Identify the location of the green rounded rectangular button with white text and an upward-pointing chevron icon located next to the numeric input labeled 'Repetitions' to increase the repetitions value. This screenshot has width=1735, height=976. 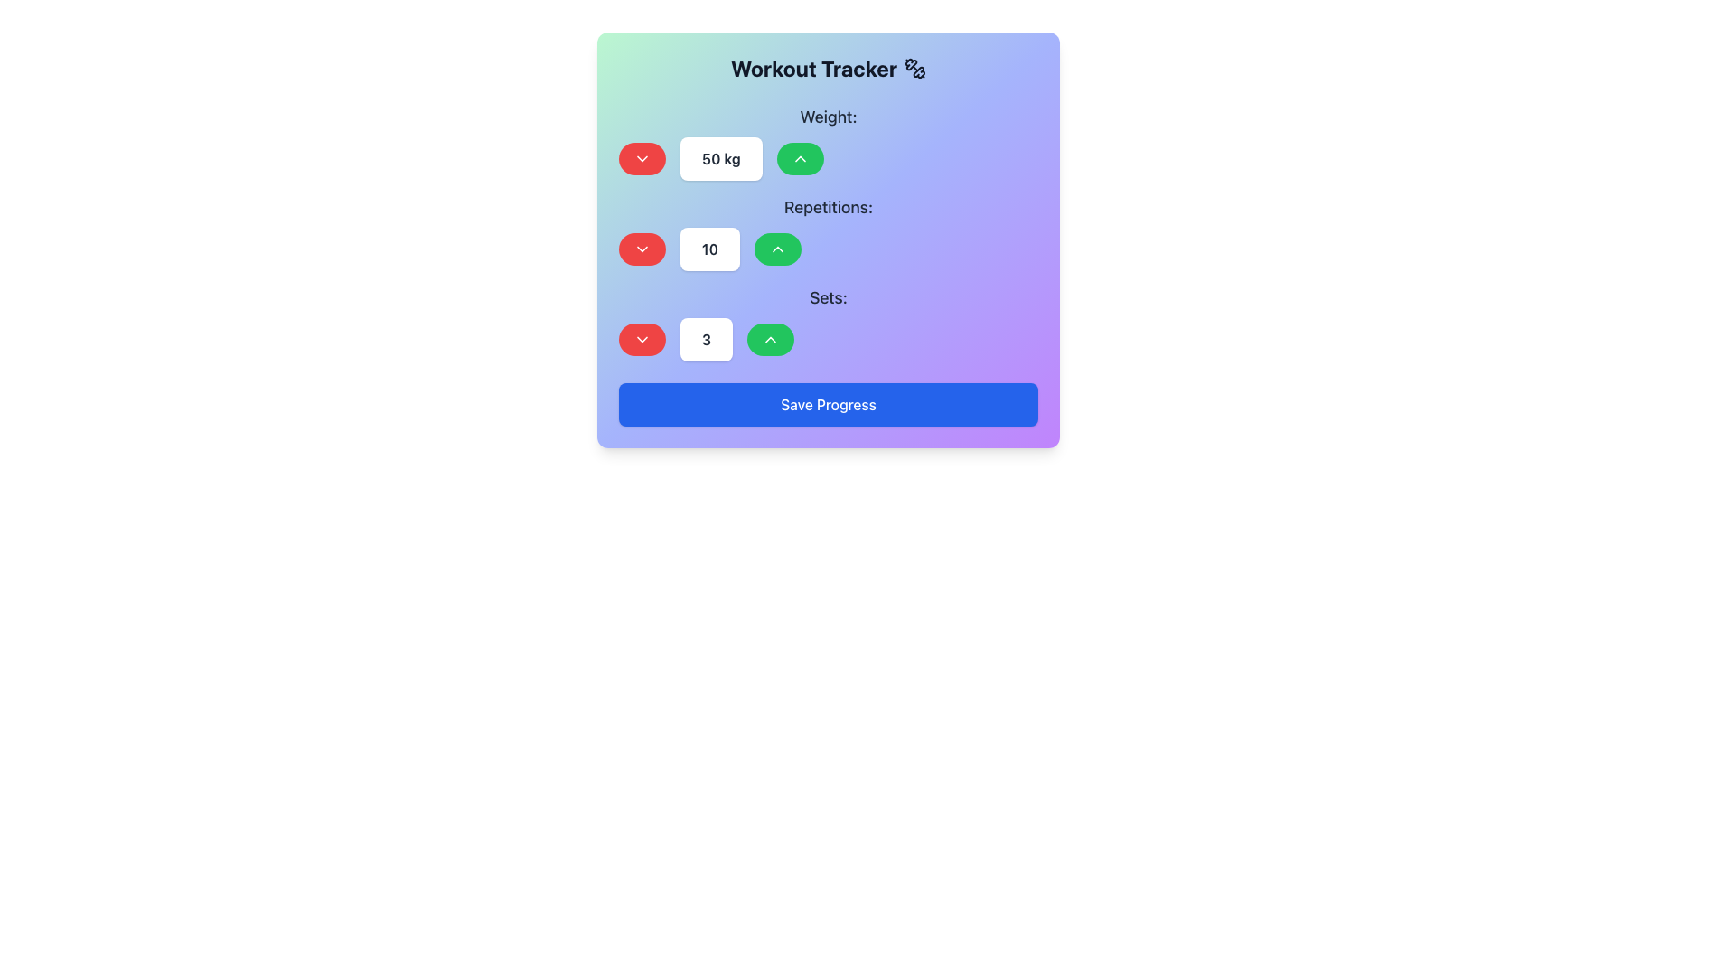
(777, 249).